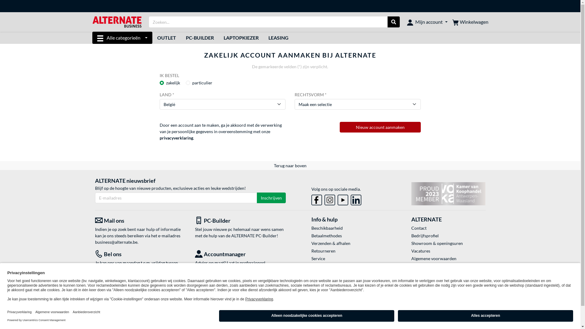 The height and width of the screenshot is (329, 585). What do you see at coordinates (470, 22) in the screenshot?
I see `'Winkelwagen'` at bounding box center [470, 22].